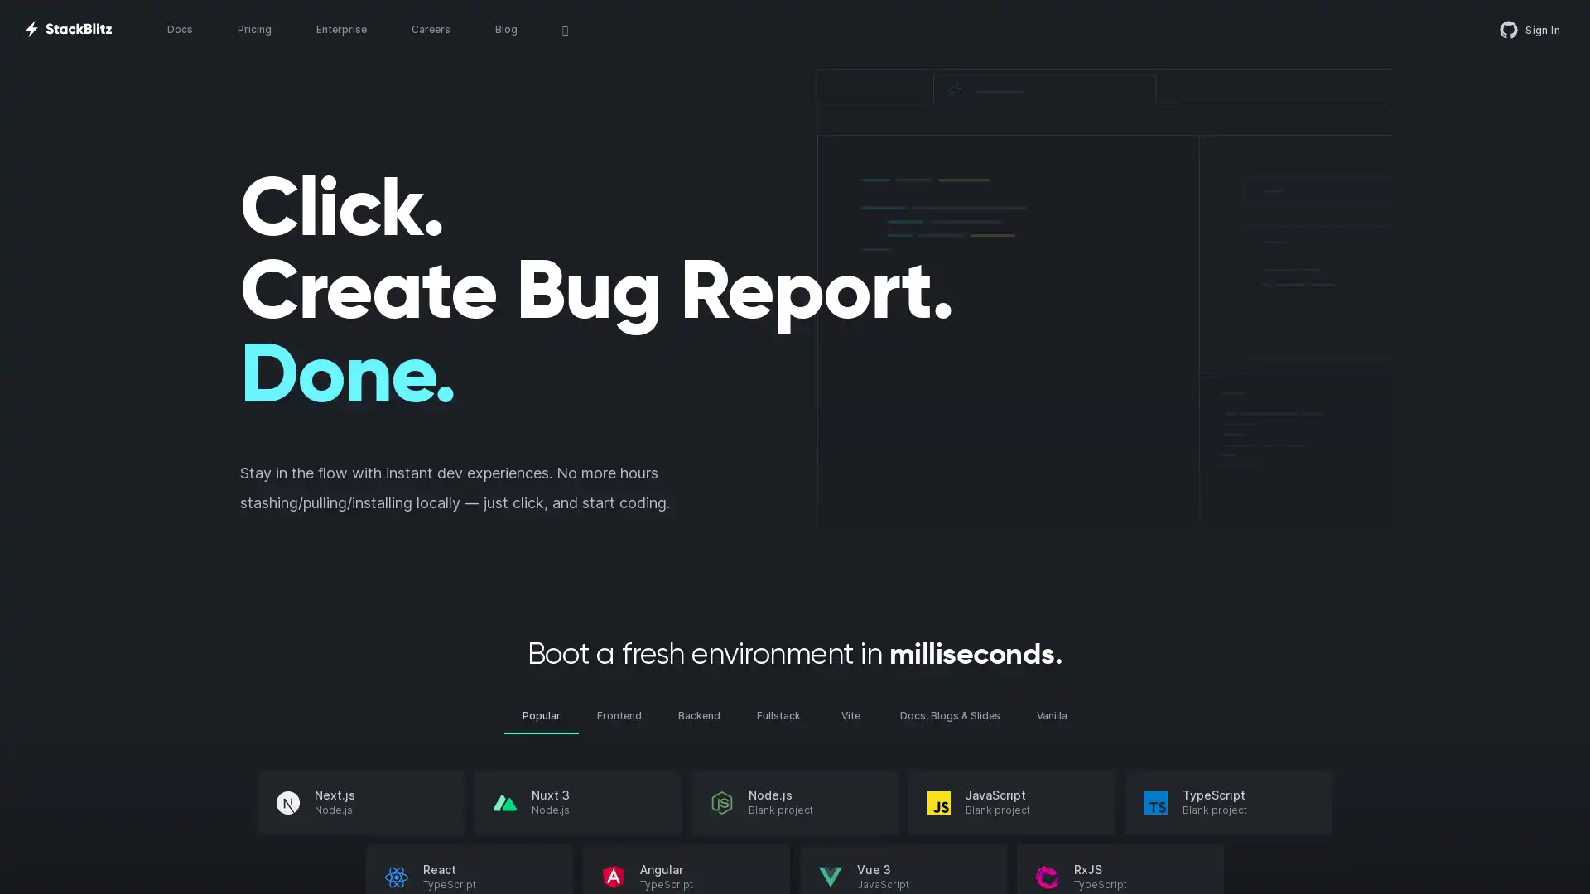  I want to click on Frontend, so click(619, 714).